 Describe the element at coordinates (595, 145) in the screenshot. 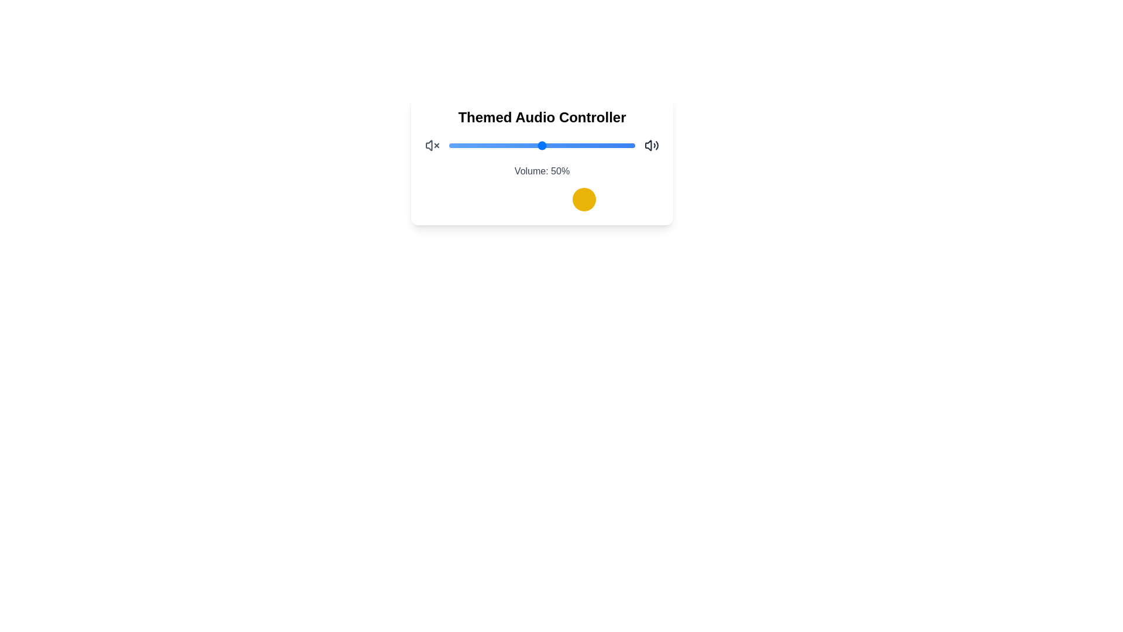

I see `the volume slider to set the volume to 79%` at that location.